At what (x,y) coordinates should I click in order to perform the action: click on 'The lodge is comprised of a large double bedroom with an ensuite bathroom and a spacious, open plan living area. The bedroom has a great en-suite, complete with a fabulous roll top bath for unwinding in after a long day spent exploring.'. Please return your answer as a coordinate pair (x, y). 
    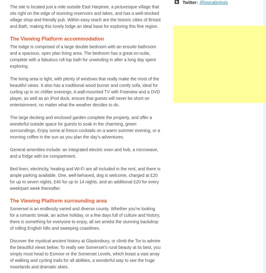
    Looking at the image, I should click on (83, 56).